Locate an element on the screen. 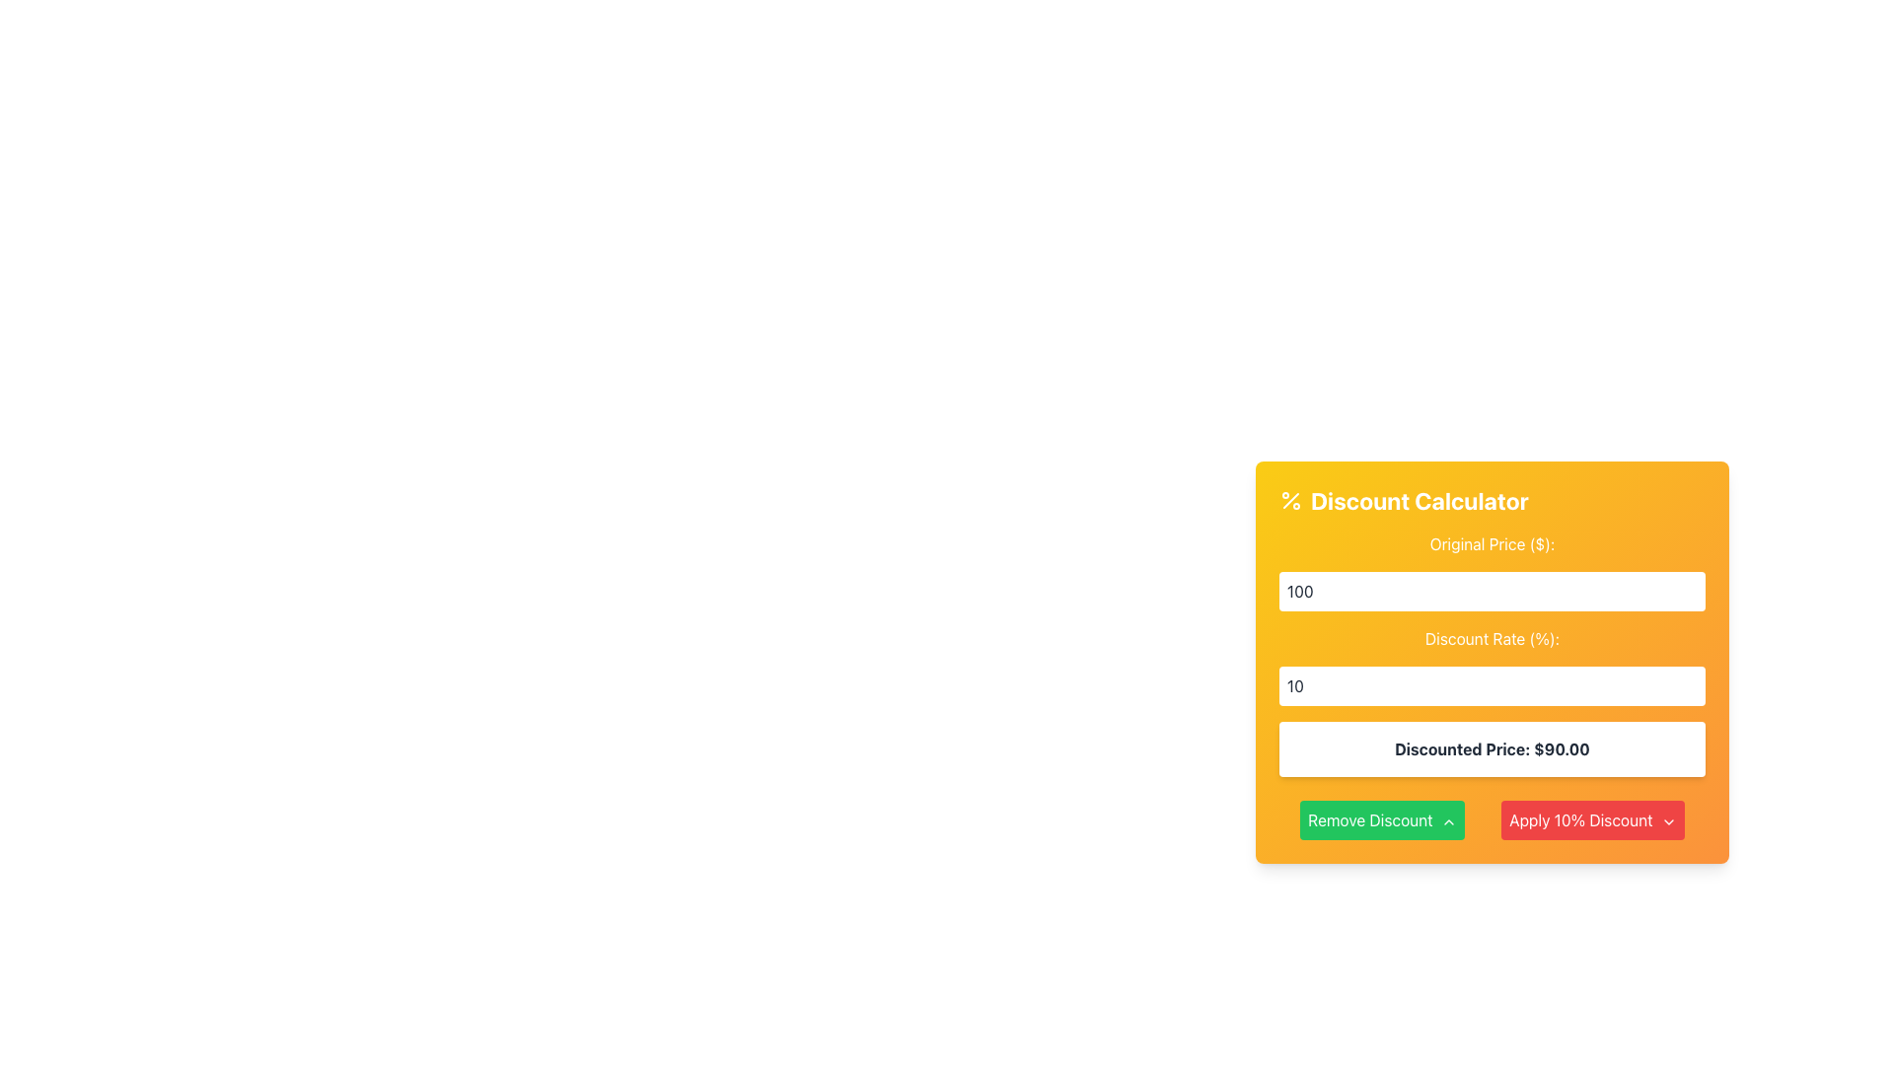 The height and width of the screenshot is (1065, 1894). the static label displaying 'Discount Rate (%)' which is styled with a bold font on an orange background, positioned below the 'Original Price ($)' input field is located at coordinates (1492, 639).